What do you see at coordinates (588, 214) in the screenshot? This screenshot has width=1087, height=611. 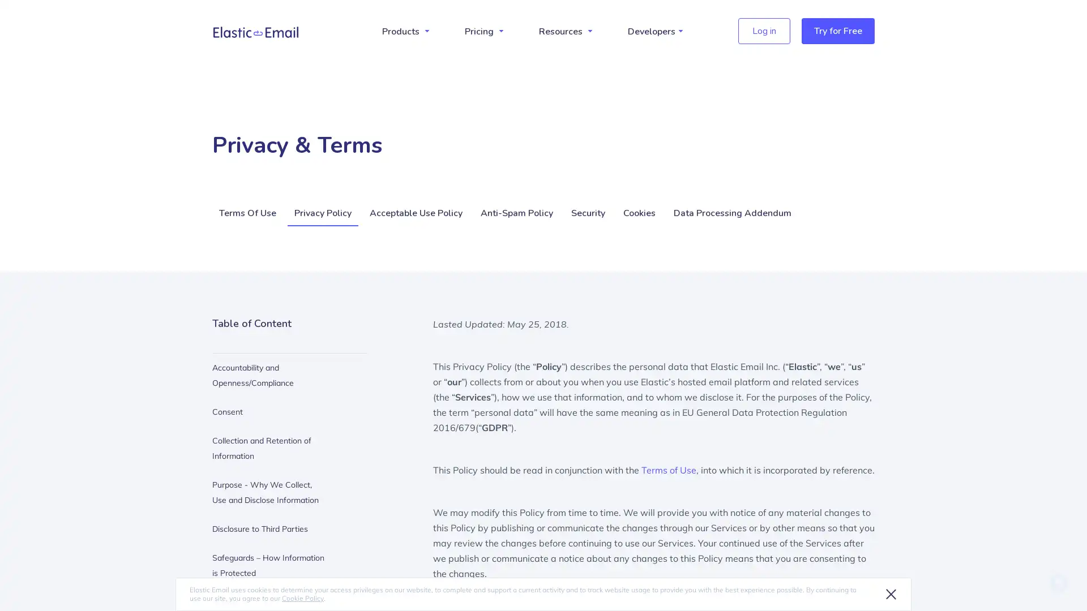 I see `Security` at bounding box center [588, 214].